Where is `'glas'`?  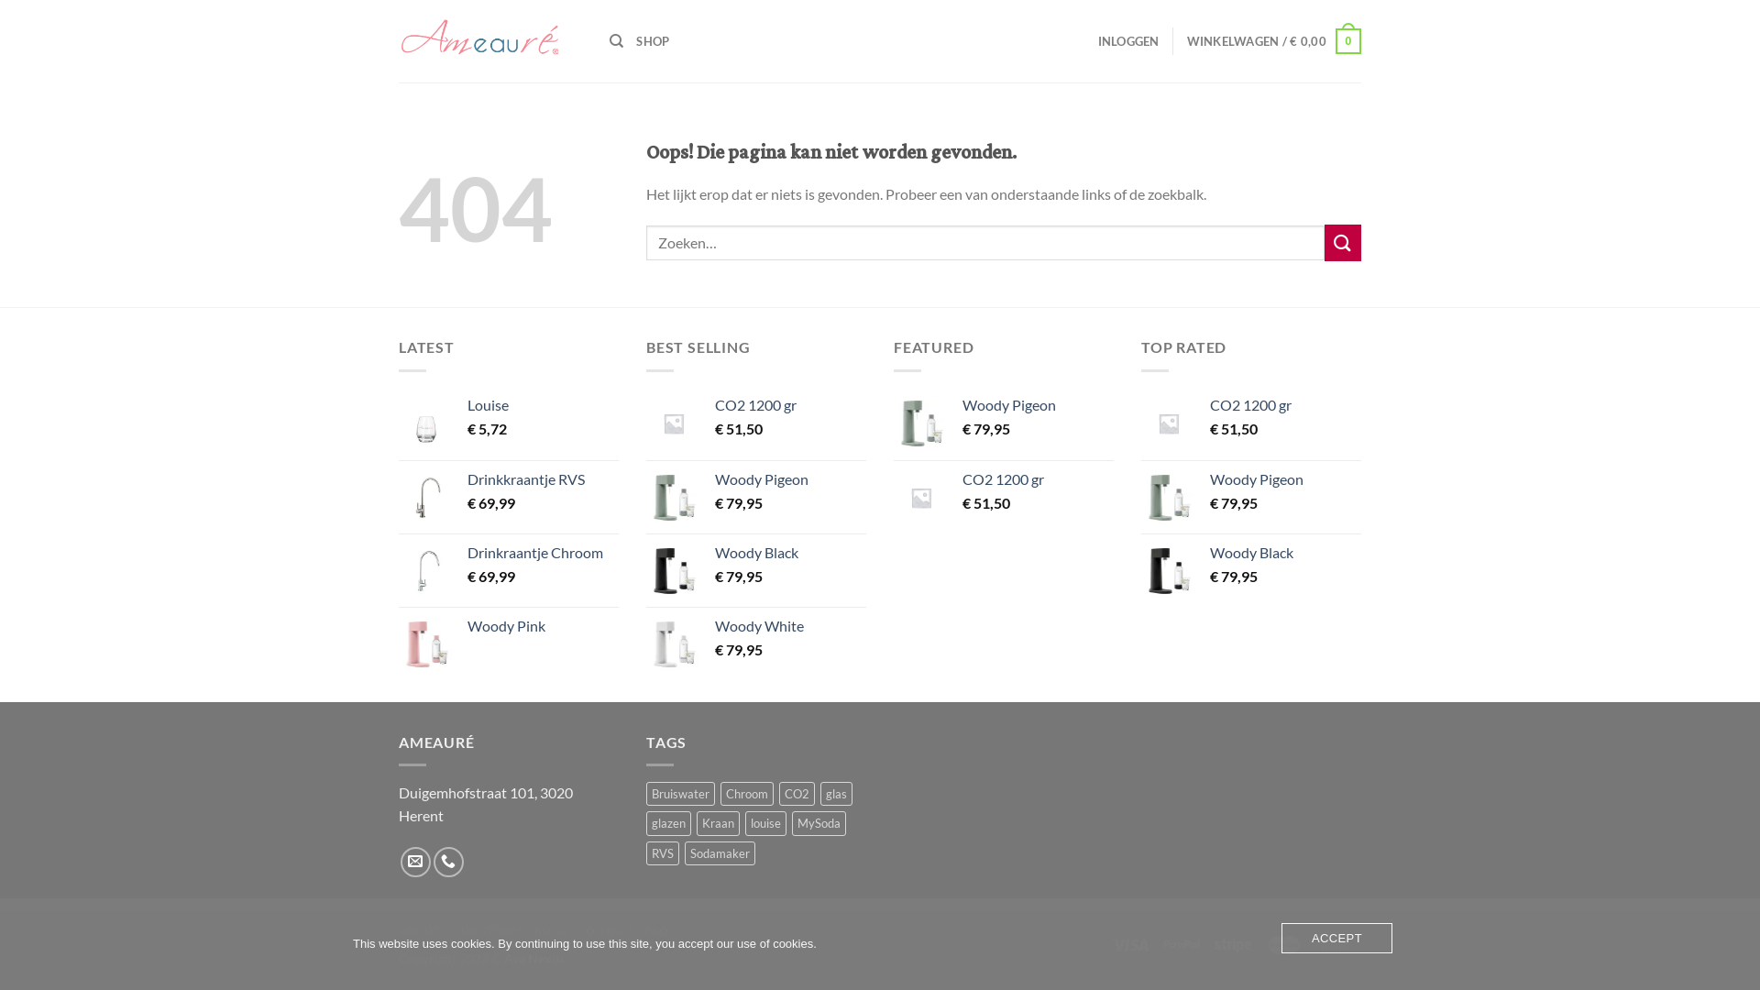
'glas' is located at coordinates (835, 793).